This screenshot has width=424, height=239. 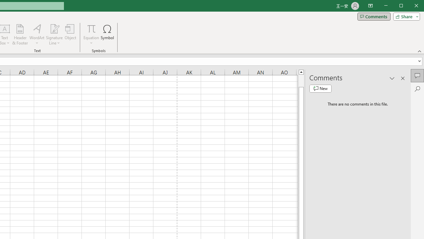 What do you see at coordinates (403, 6) in the screenshot?
I see `'Minimize'` at bounding box center [403, 6].